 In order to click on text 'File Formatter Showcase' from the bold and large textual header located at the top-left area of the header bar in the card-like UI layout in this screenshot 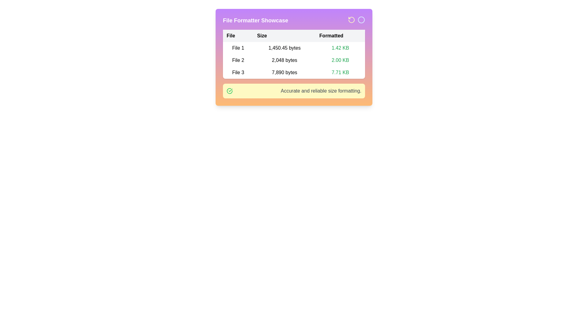, I will do `click(255, 20)`.